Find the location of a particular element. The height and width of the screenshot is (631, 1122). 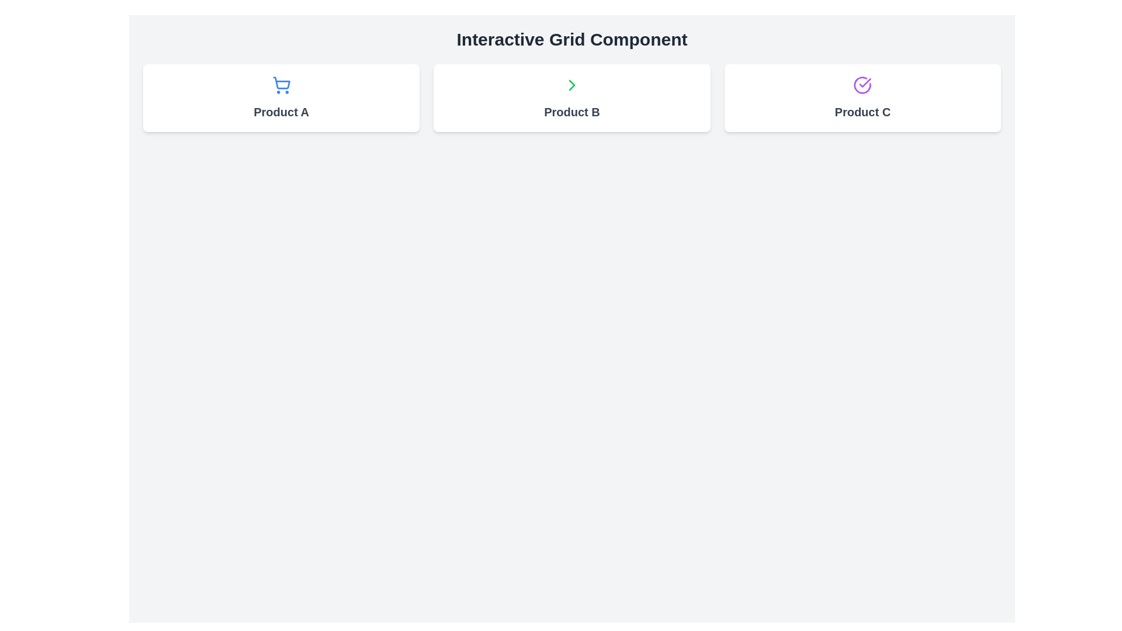

the blue shopping cart icon, which is styled with circular strokes and has two smaller circles underneath representing wheels, located above the label 'Product A' is located at coordinates (281, 85).